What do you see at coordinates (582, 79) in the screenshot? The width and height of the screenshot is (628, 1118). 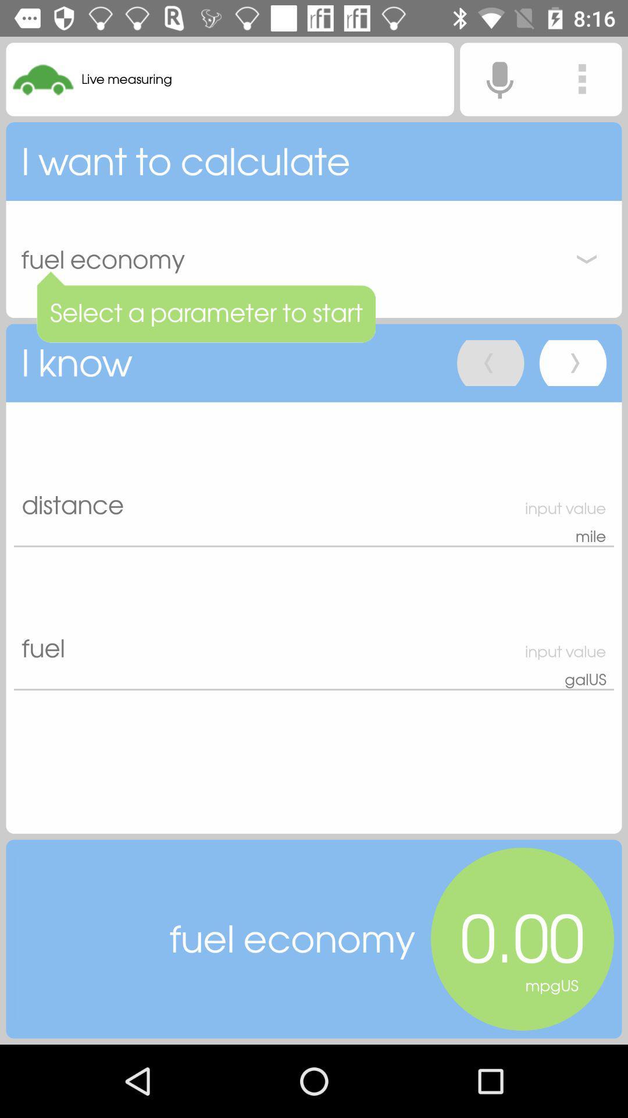 I see `application settings` at bounding box center [582, 79].